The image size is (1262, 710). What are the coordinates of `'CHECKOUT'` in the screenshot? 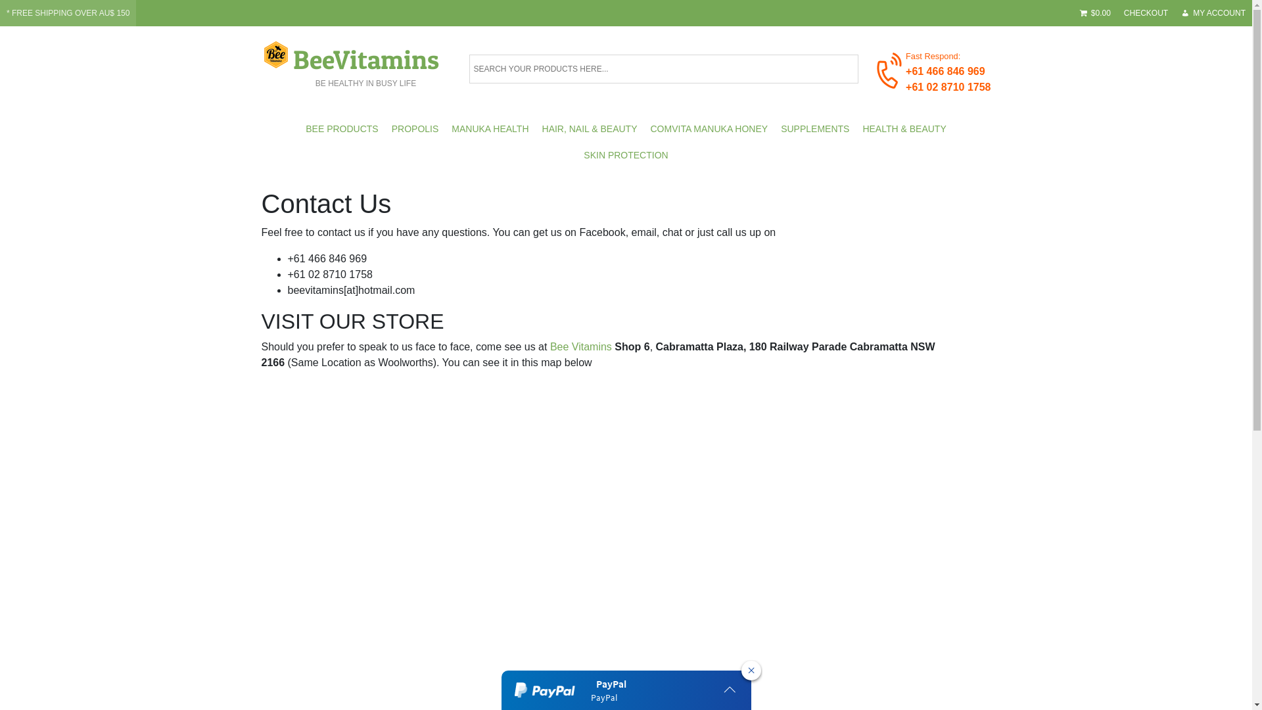 It's located at (1116, 12).